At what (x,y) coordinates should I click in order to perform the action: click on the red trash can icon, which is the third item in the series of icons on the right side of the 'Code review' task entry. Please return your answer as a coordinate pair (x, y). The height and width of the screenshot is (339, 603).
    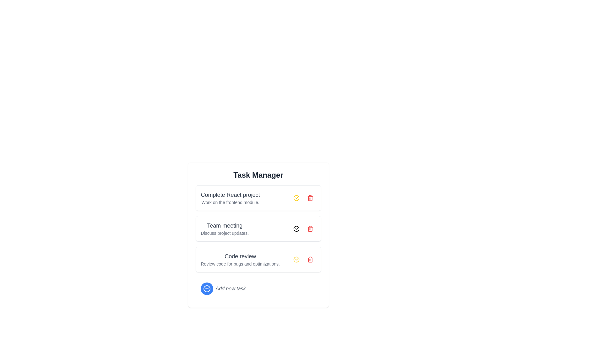
    Looking at the image, I should click on (310, 259).